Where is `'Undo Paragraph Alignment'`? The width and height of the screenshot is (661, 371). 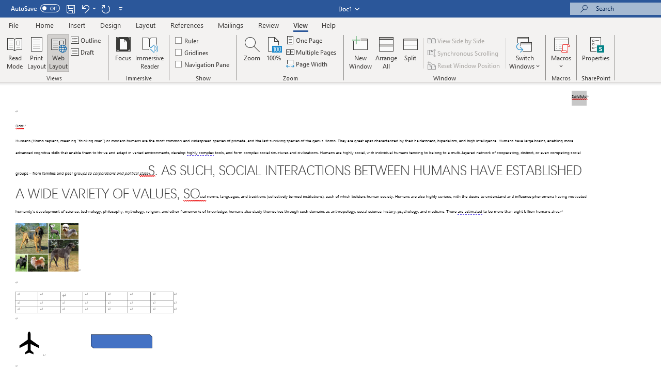 'Undo Paragraph Alignment' is located at coordinates (88, 8).